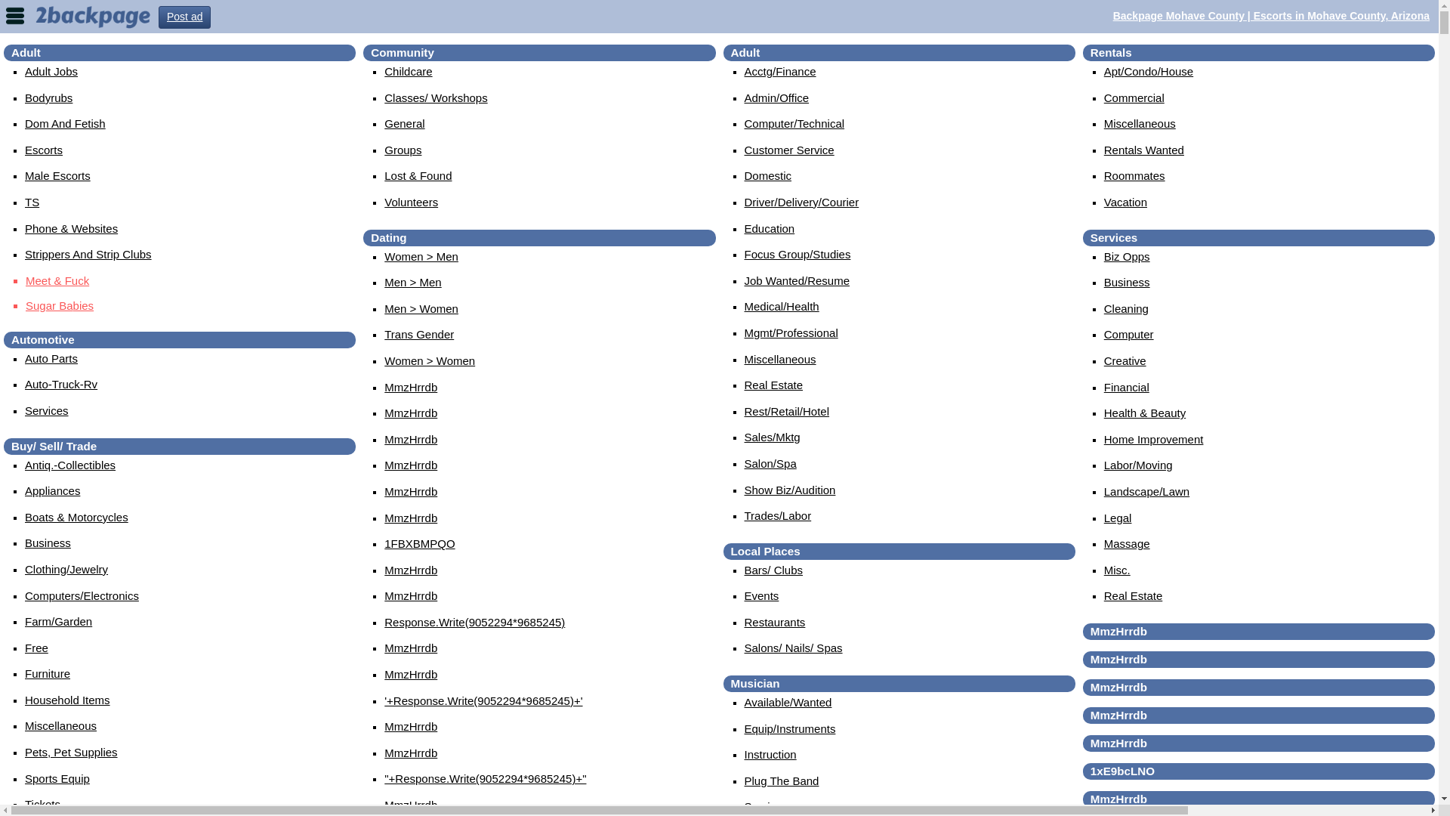 The height and width of the screenshot is (816, 1450). I want to click on 'Biz Opps', so click(1104, 255).